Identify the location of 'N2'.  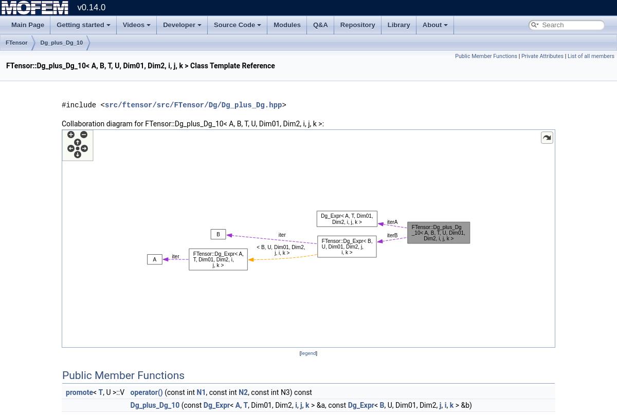
(243, 391).